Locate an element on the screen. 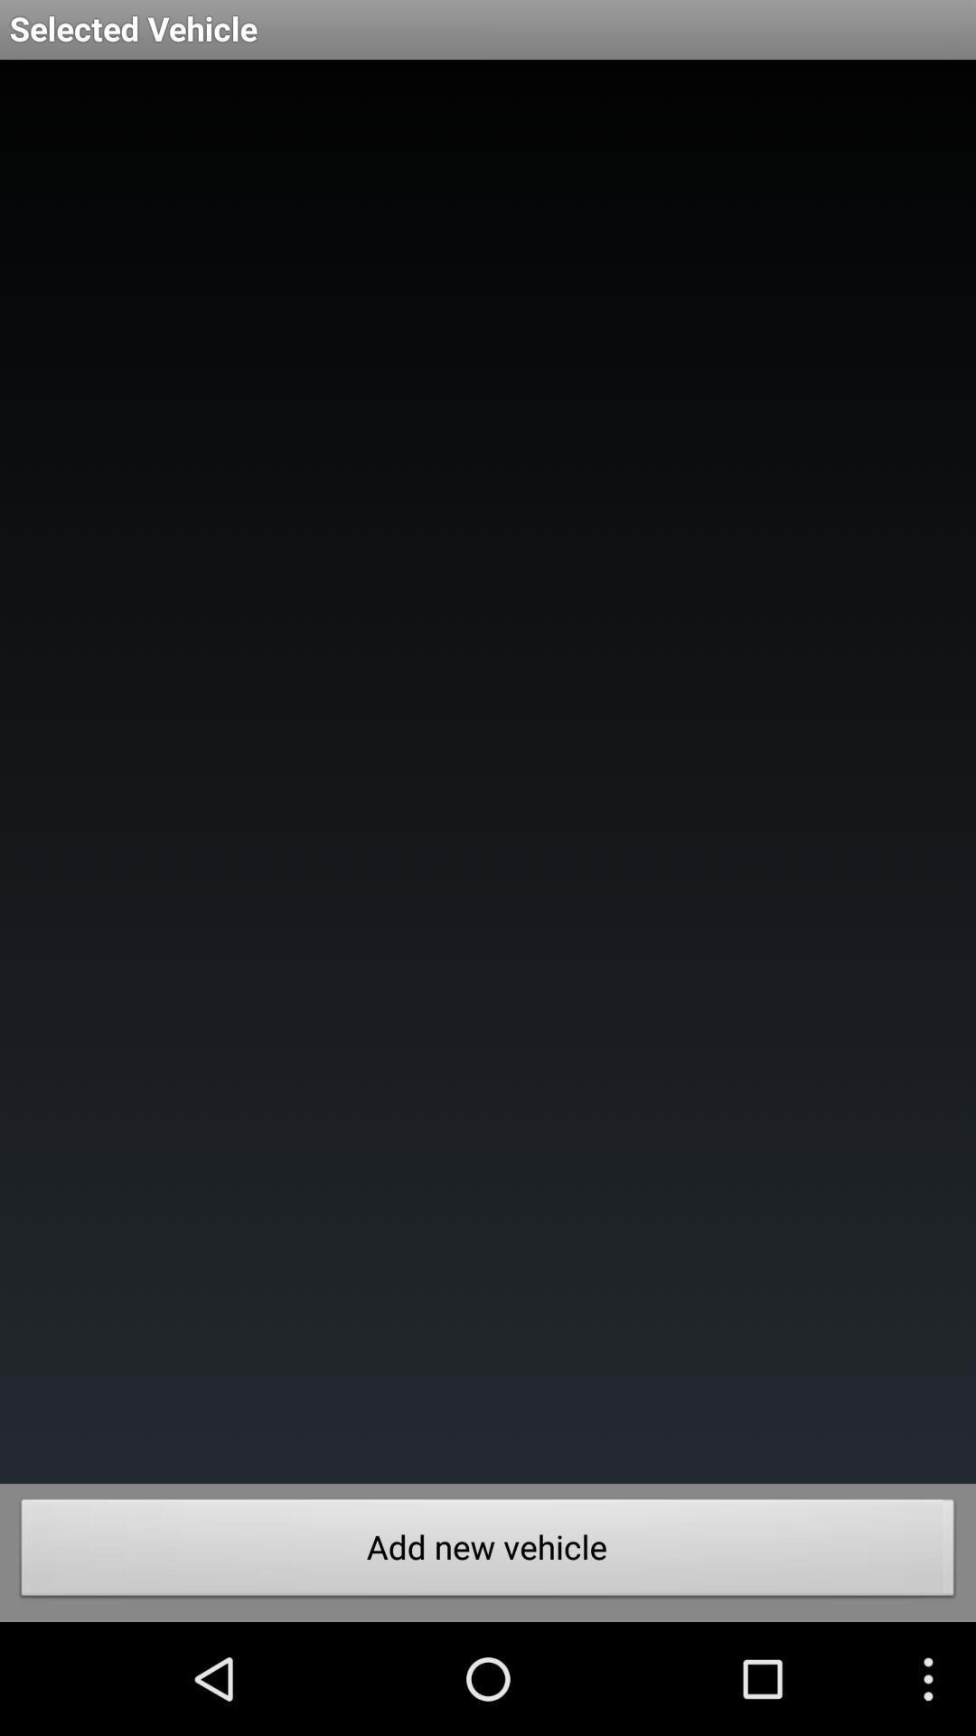 The height and width of the screenshot is (1736, 976). the add new vehicle is located at coordinates (488, 1552).